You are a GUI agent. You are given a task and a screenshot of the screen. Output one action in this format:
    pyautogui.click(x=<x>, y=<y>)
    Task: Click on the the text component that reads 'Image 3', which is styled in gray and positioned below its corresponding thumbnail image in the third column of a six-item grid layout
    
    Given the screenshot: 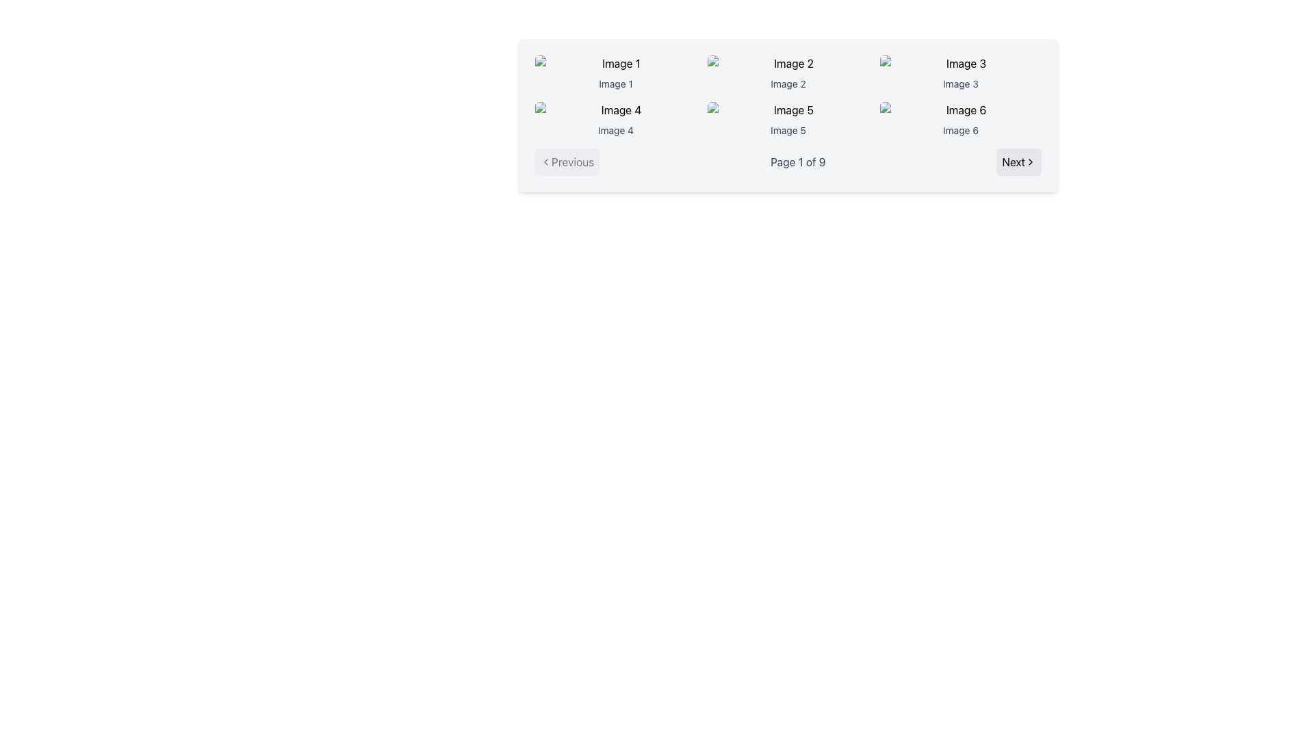 What is the action you would take?
    pyautogui.click(x=959, y=84)
    